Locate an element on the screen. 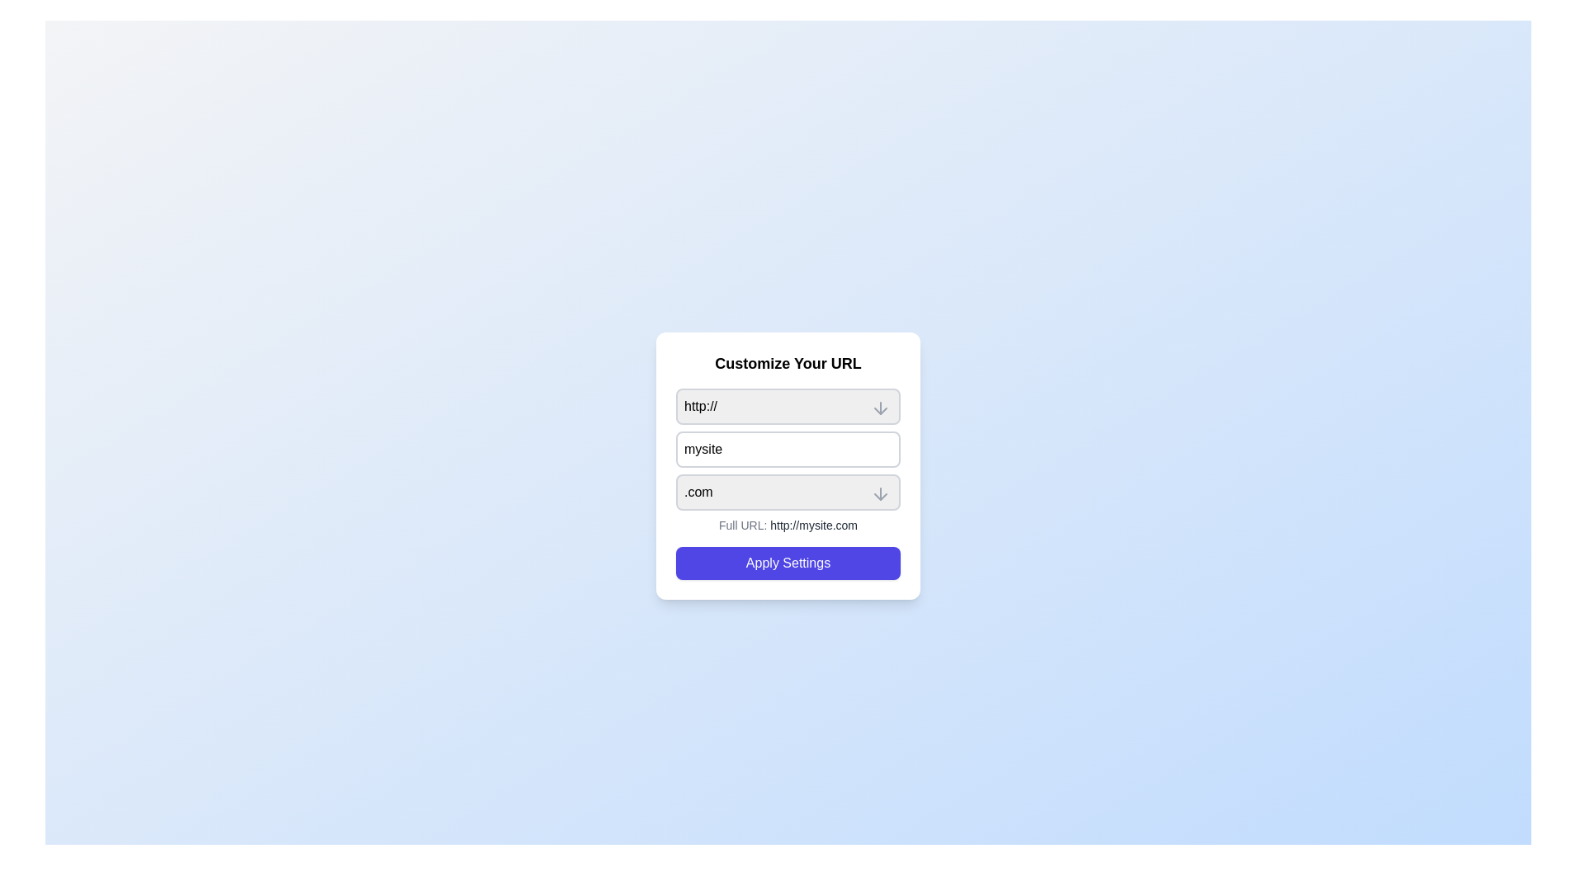 The height and width of the screenshot is (891, 1585). the static informational text that displays the dynamically generated full URL, located beneath the domain selection component and above the 'Apply Settings' button in the modal is located at coordinates (788, 525).